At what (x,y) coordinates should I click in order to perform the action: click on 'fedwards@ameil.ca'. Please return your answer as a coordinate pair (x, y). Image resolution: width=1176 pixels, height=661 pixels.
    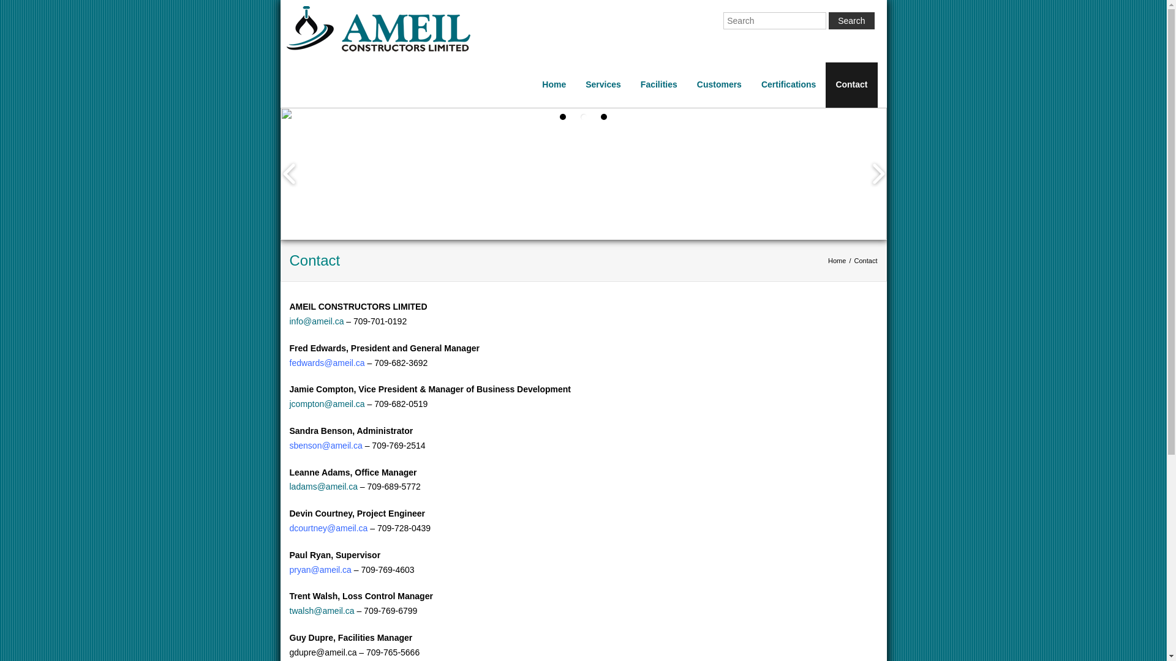
    Looking at the image, I should click on (326, 362).